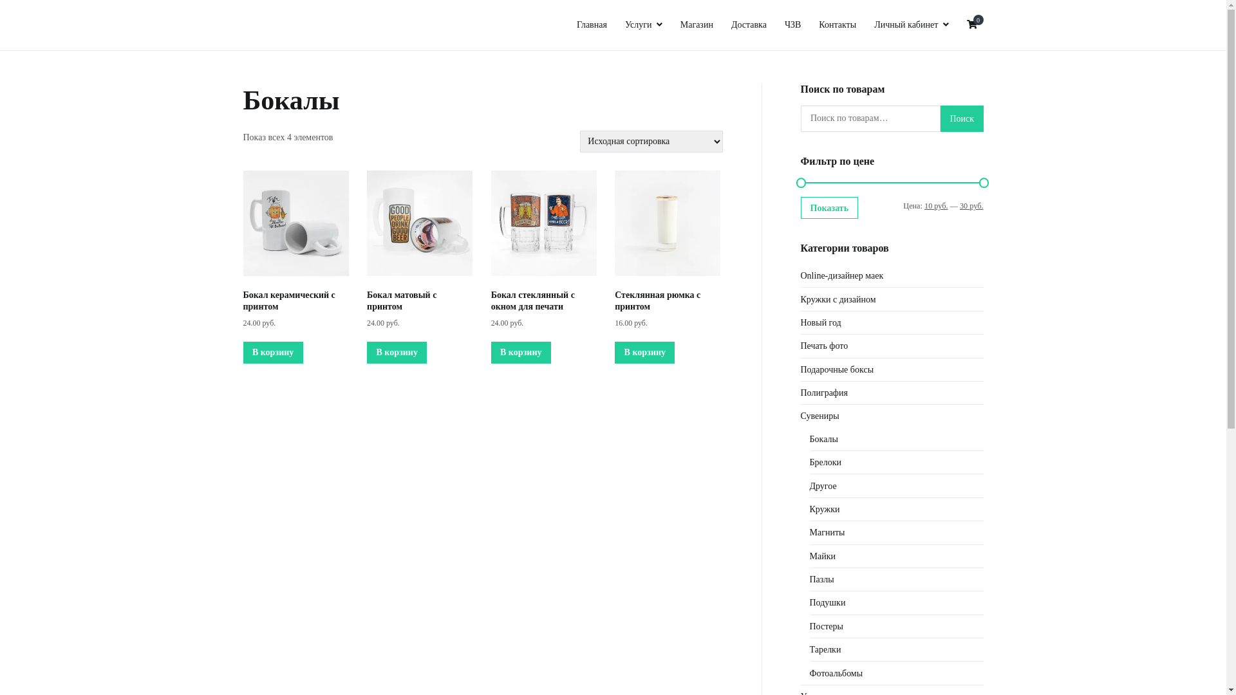  What do you see at coordinates (972, 24) in the screenshot?
I see `'0'` at bounding box center [972, 24].